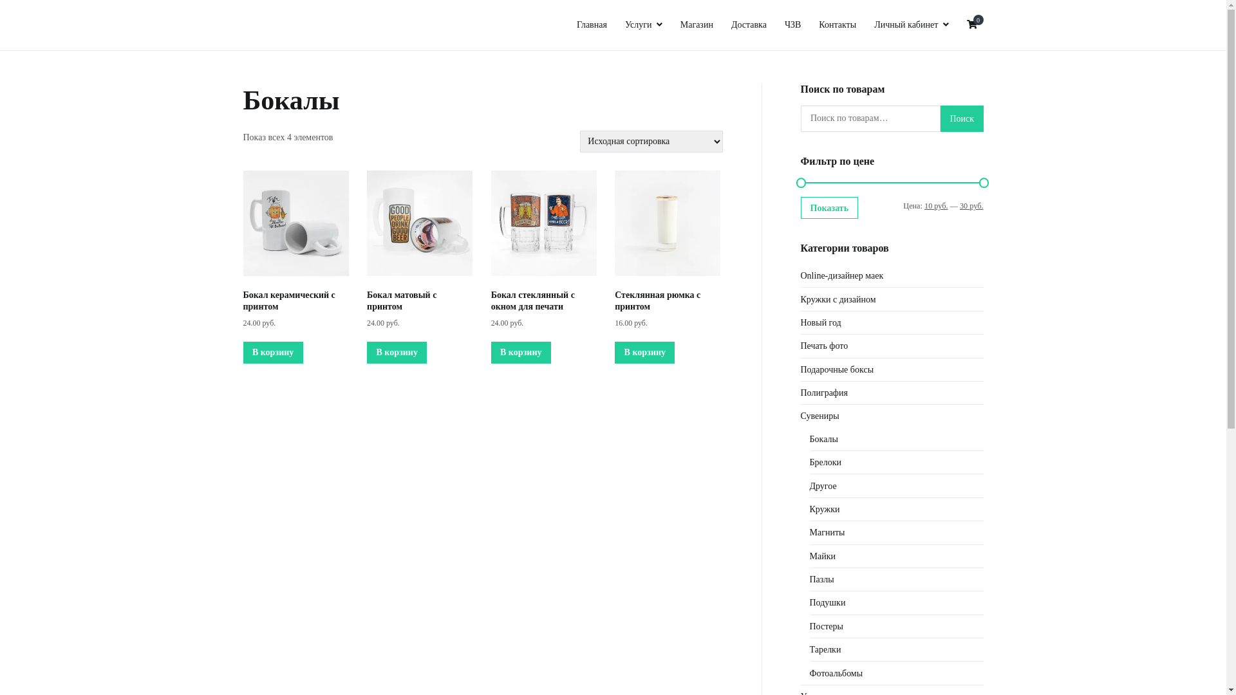  What do you see at coordinates (972, 24) in the screenshot?
I see `'0'` at bounding box center [972, 24].